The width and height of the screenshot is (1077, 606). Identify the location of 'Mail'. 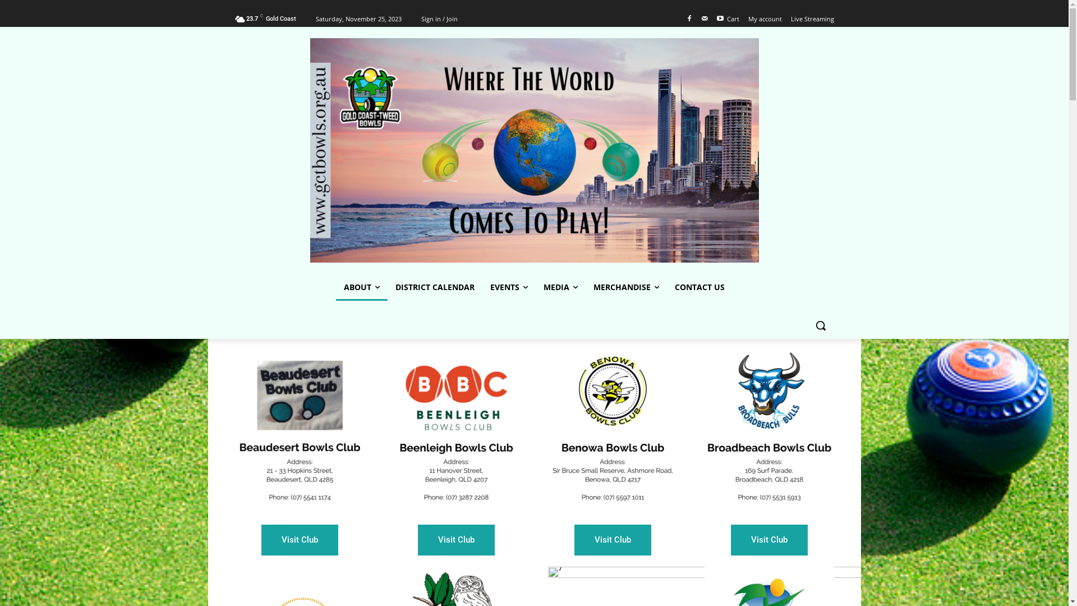
(704, 19).